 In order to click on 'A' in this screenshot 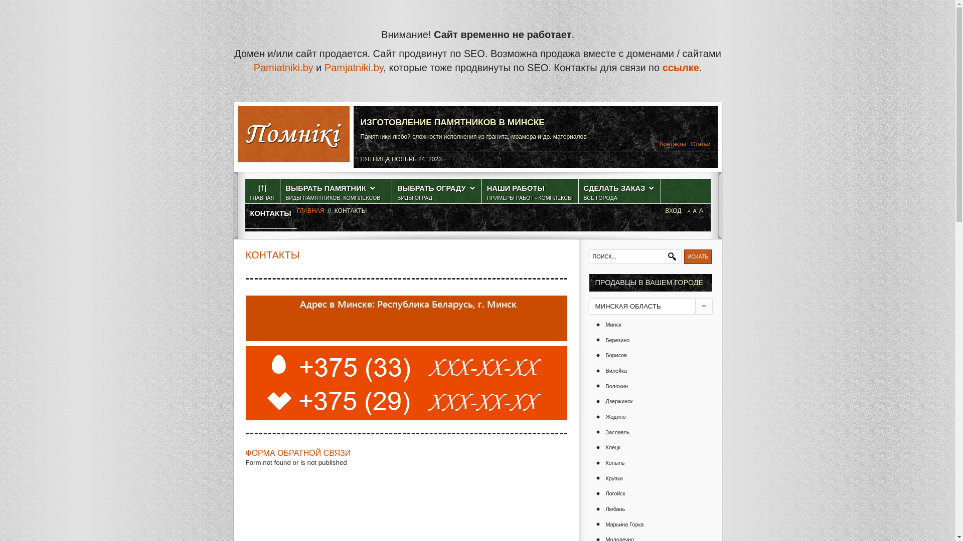, I will do `click(688, 210)`.